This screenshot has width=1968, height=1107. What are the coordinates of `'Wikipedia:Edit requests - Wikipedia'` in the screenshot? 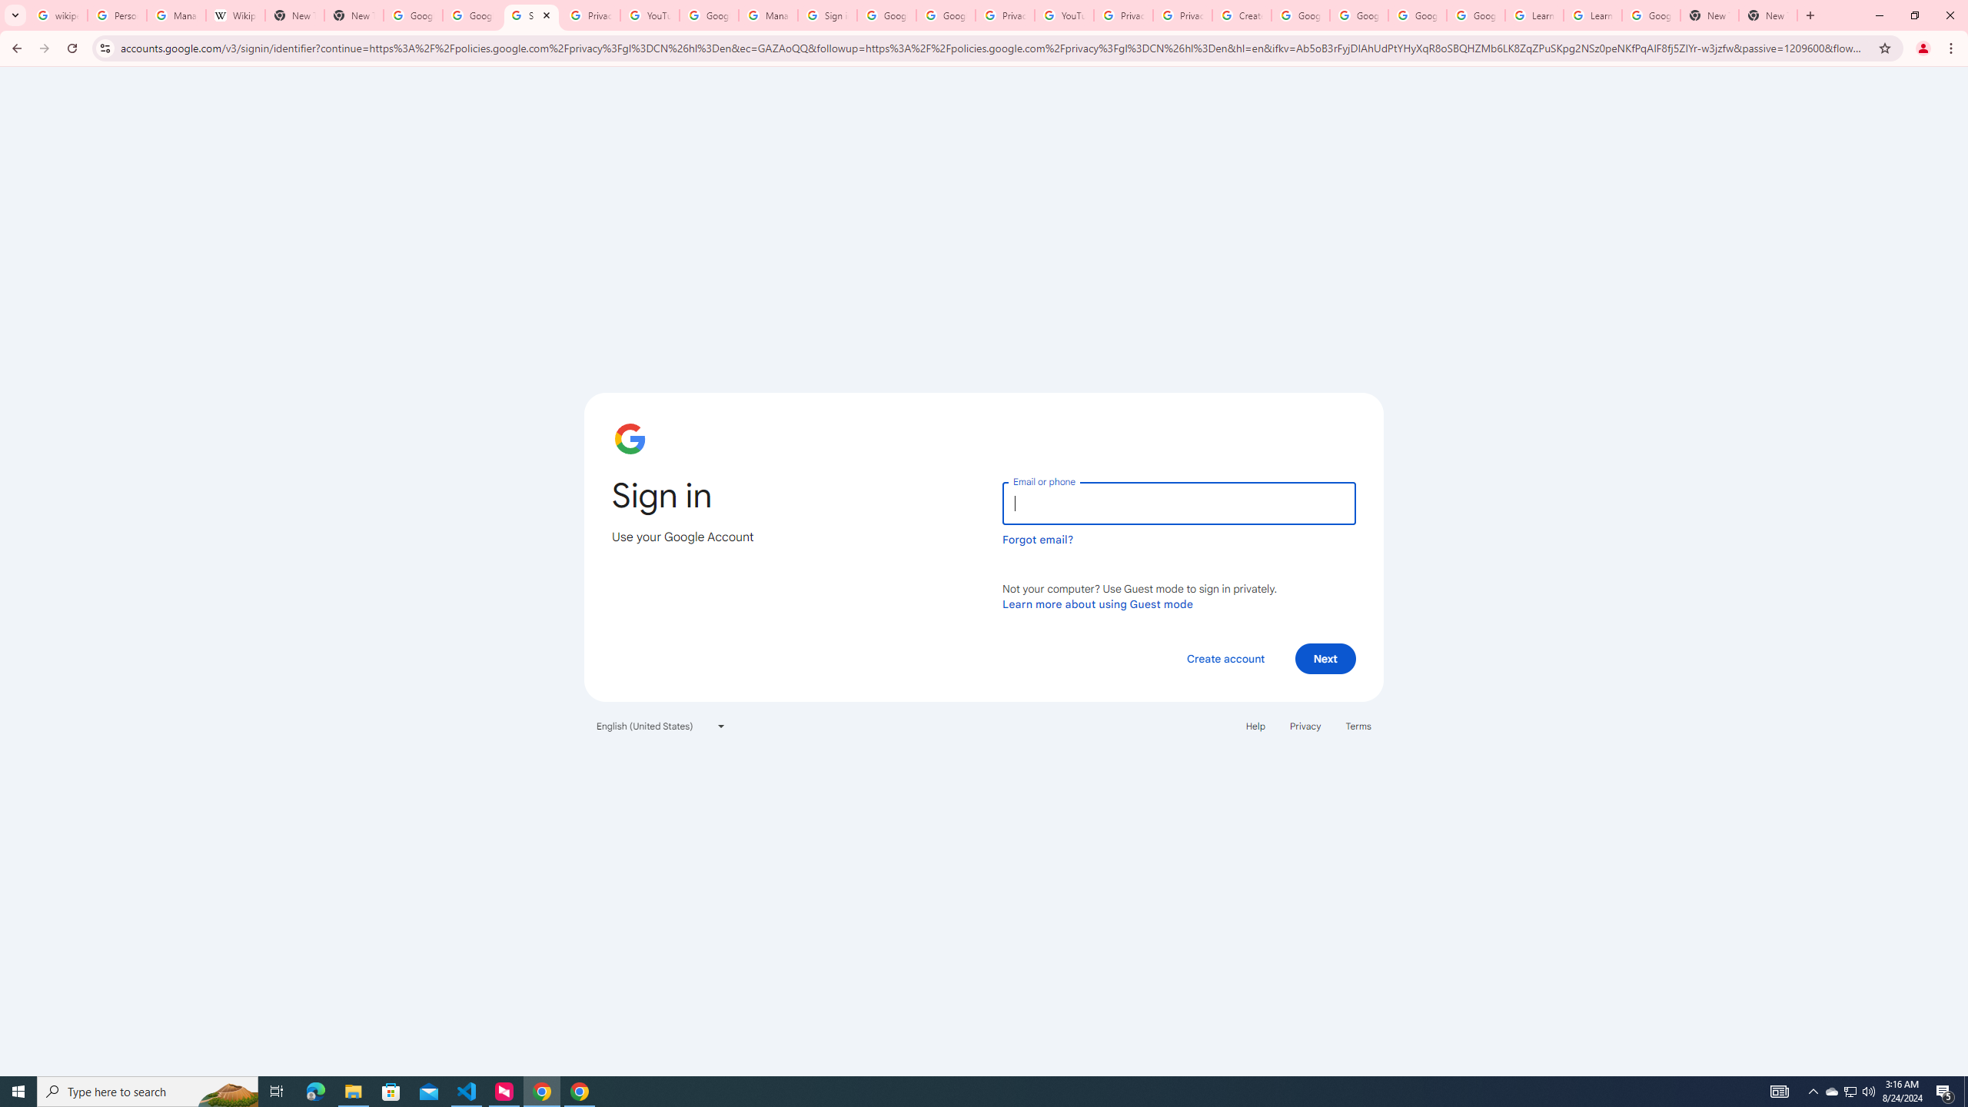 It's located at (234, 15).